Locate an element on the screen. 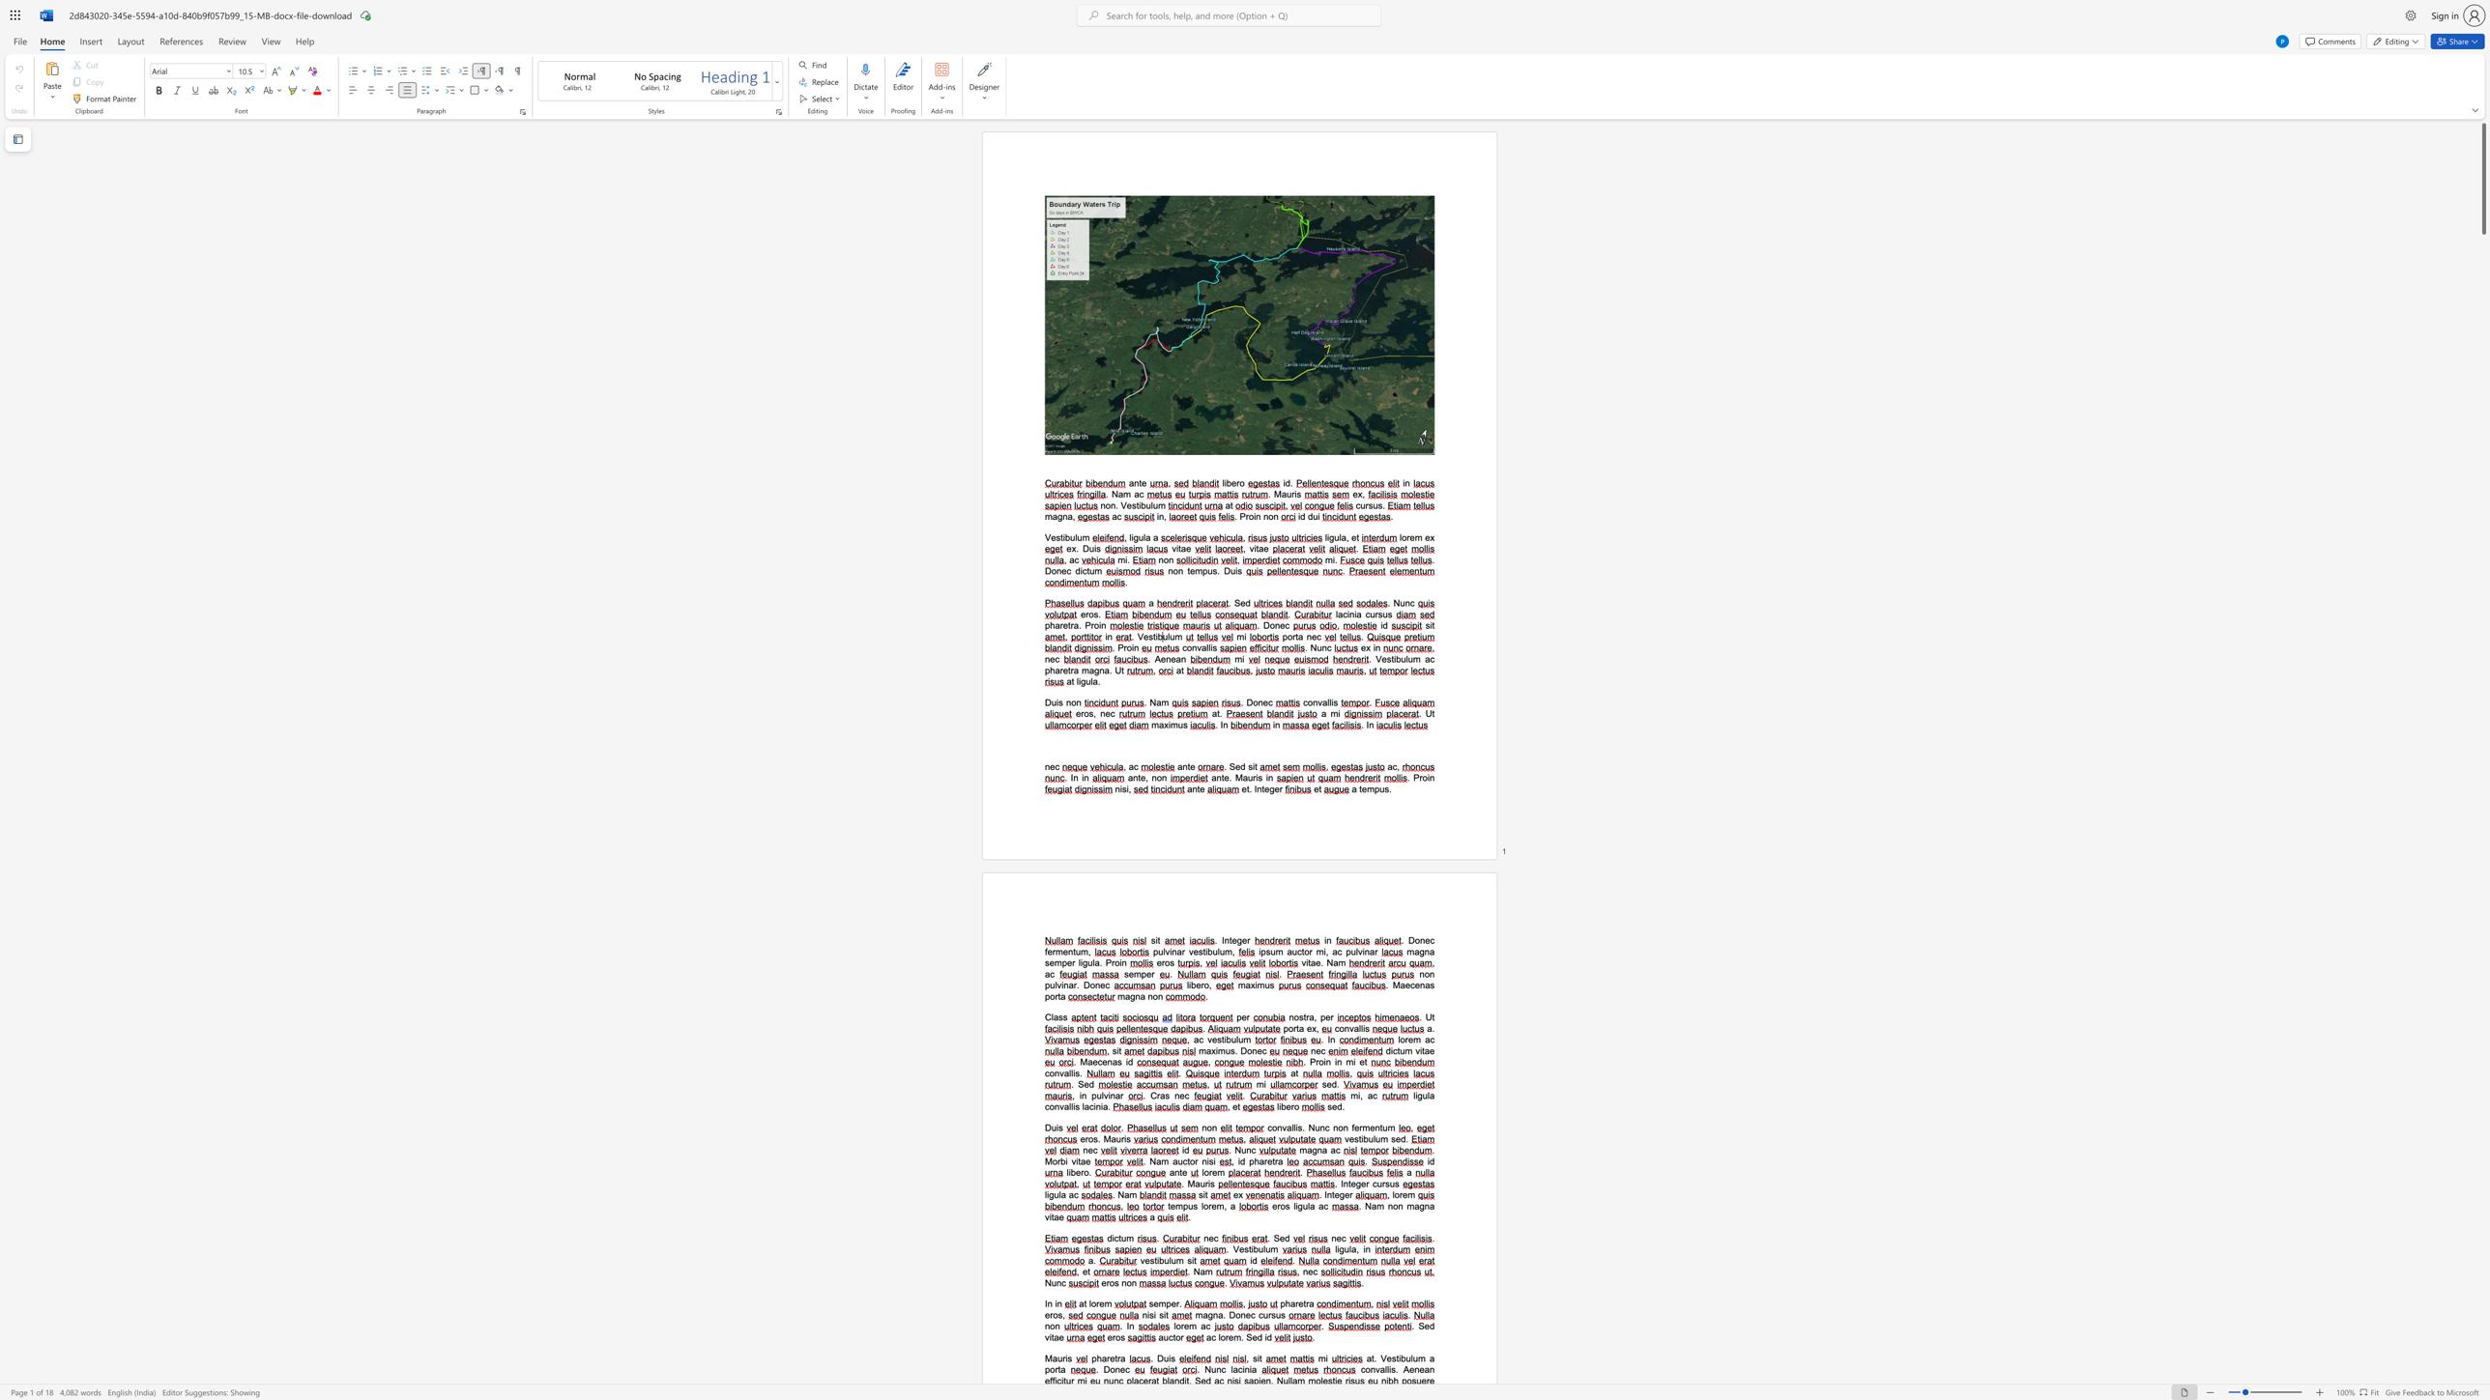 Image resolution: width=2490 pixels, height=1400 pixels. the space between the continuous character "l" and "i" in the text is located at coordinates (1330, 701).